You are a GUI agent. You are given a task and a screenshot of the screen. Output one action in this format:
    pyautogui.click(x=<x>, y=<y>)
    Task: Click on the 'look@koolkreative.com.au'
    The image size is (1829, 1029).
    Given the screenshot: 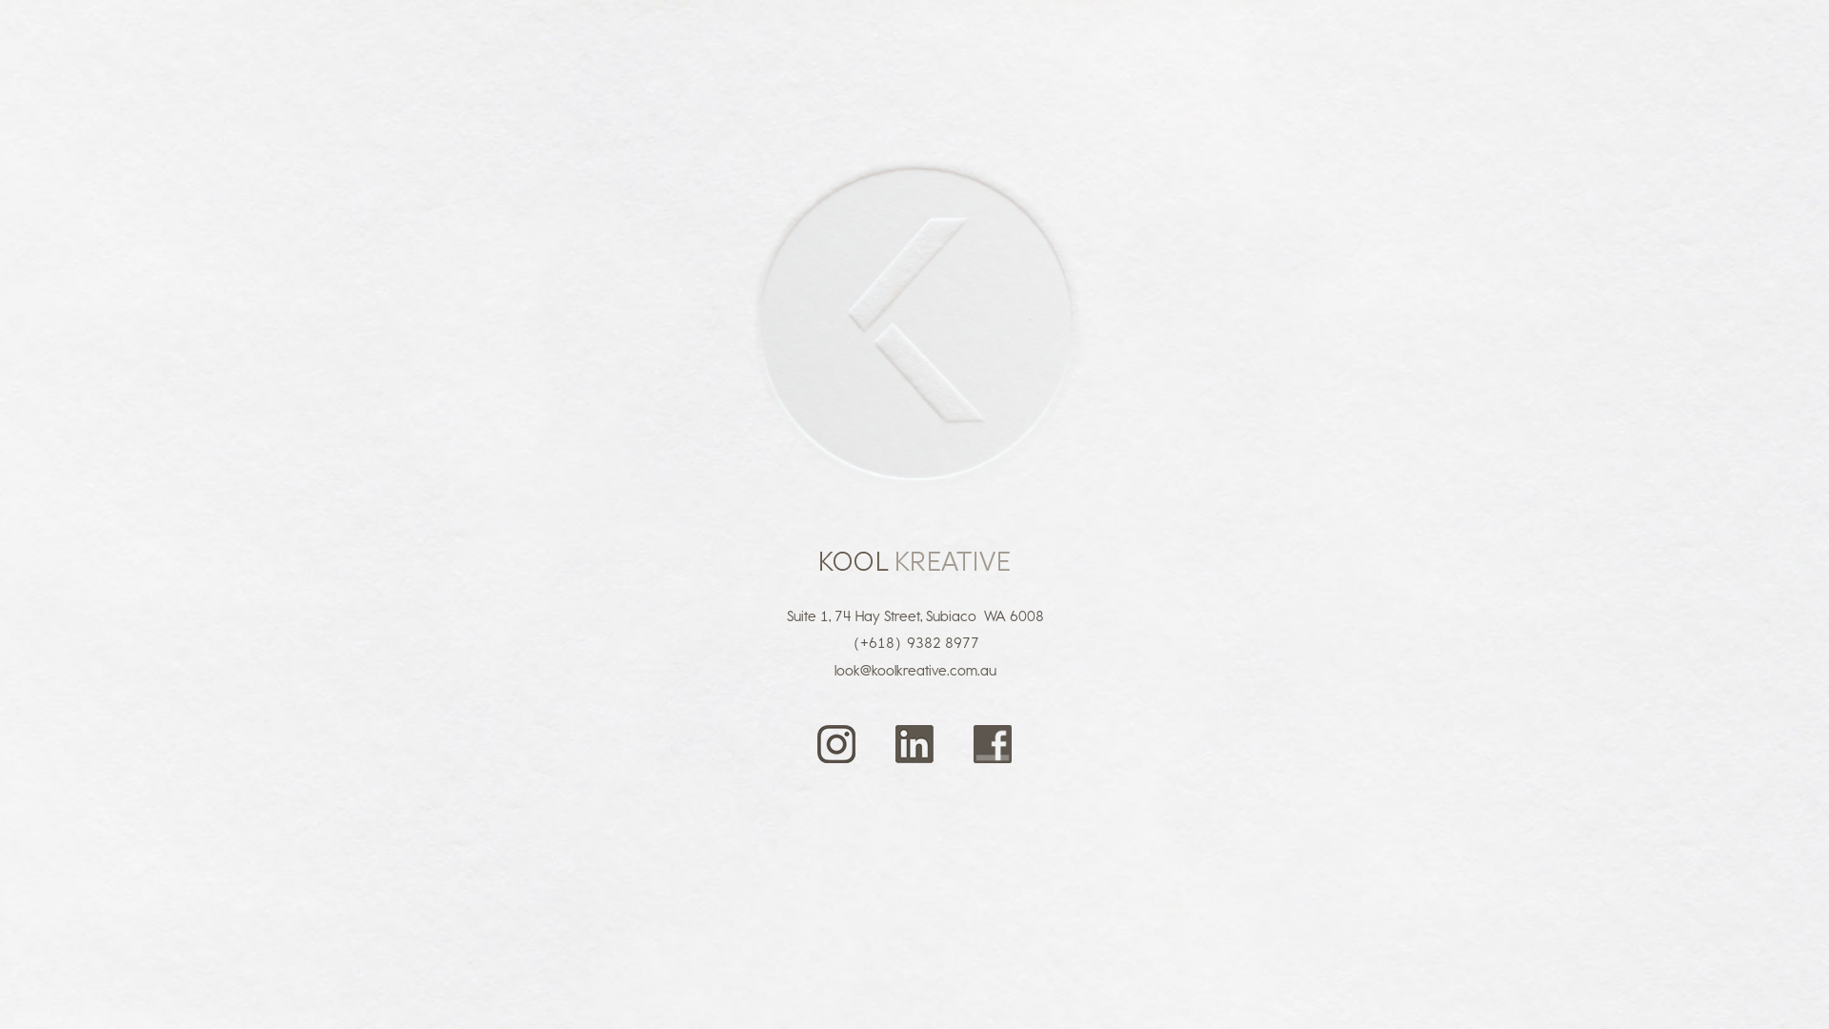 What is the action you would take?
    pyautogui.click(x=914, y=669)
    